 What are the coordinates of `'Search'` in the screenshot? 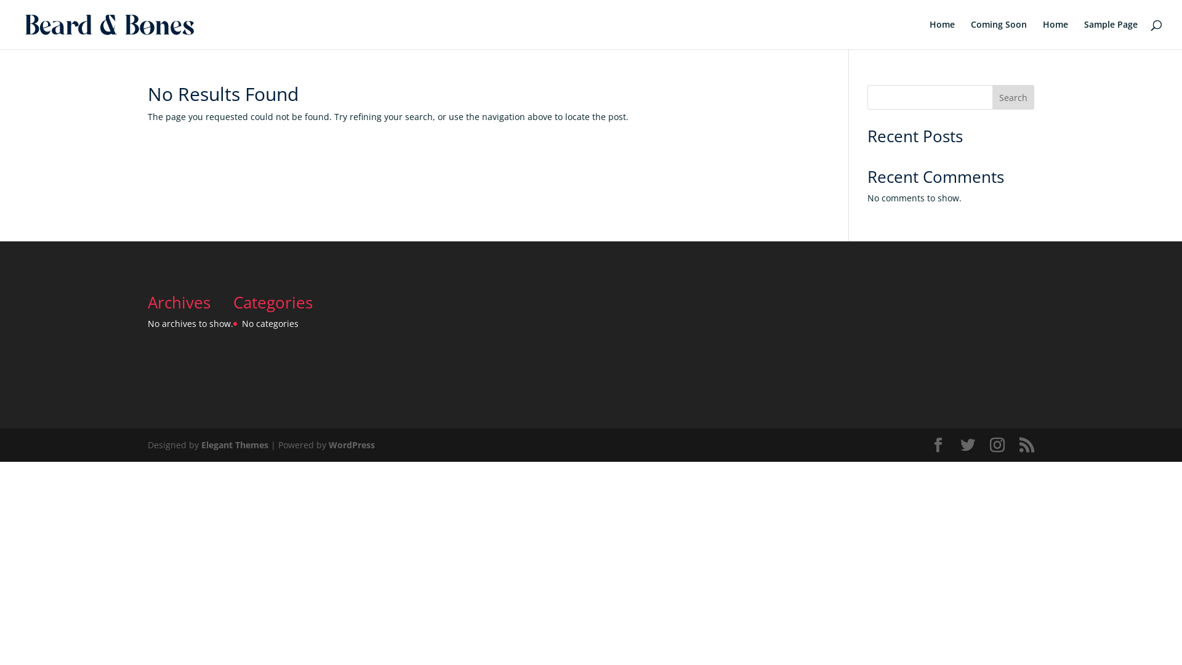 It's located at (992, 97).